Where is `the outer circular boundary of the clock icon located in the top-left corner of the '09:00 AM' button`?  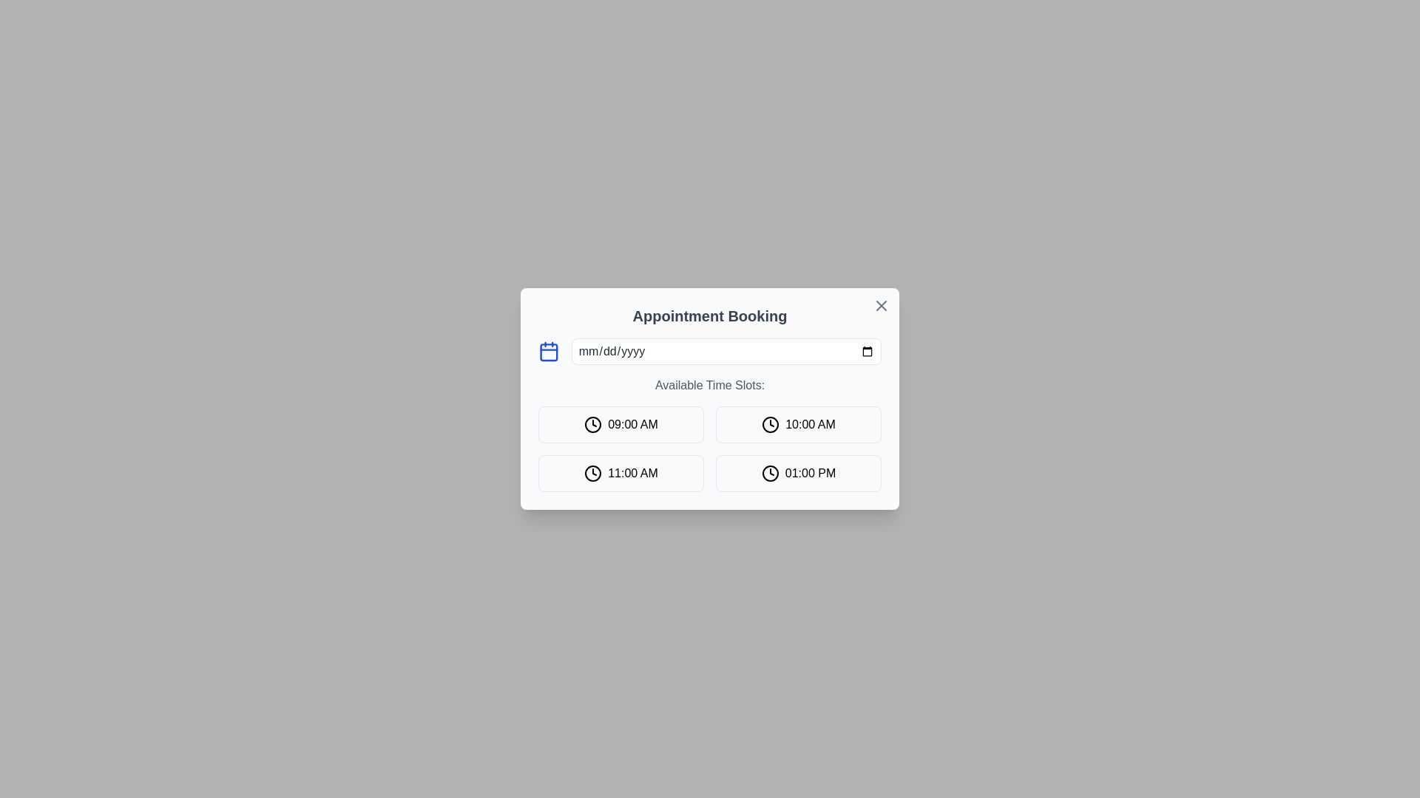 the outer circular boundary of the clock icon located in the top-left corner of the '09:00 AM' button is located at coordinates (593, 424).